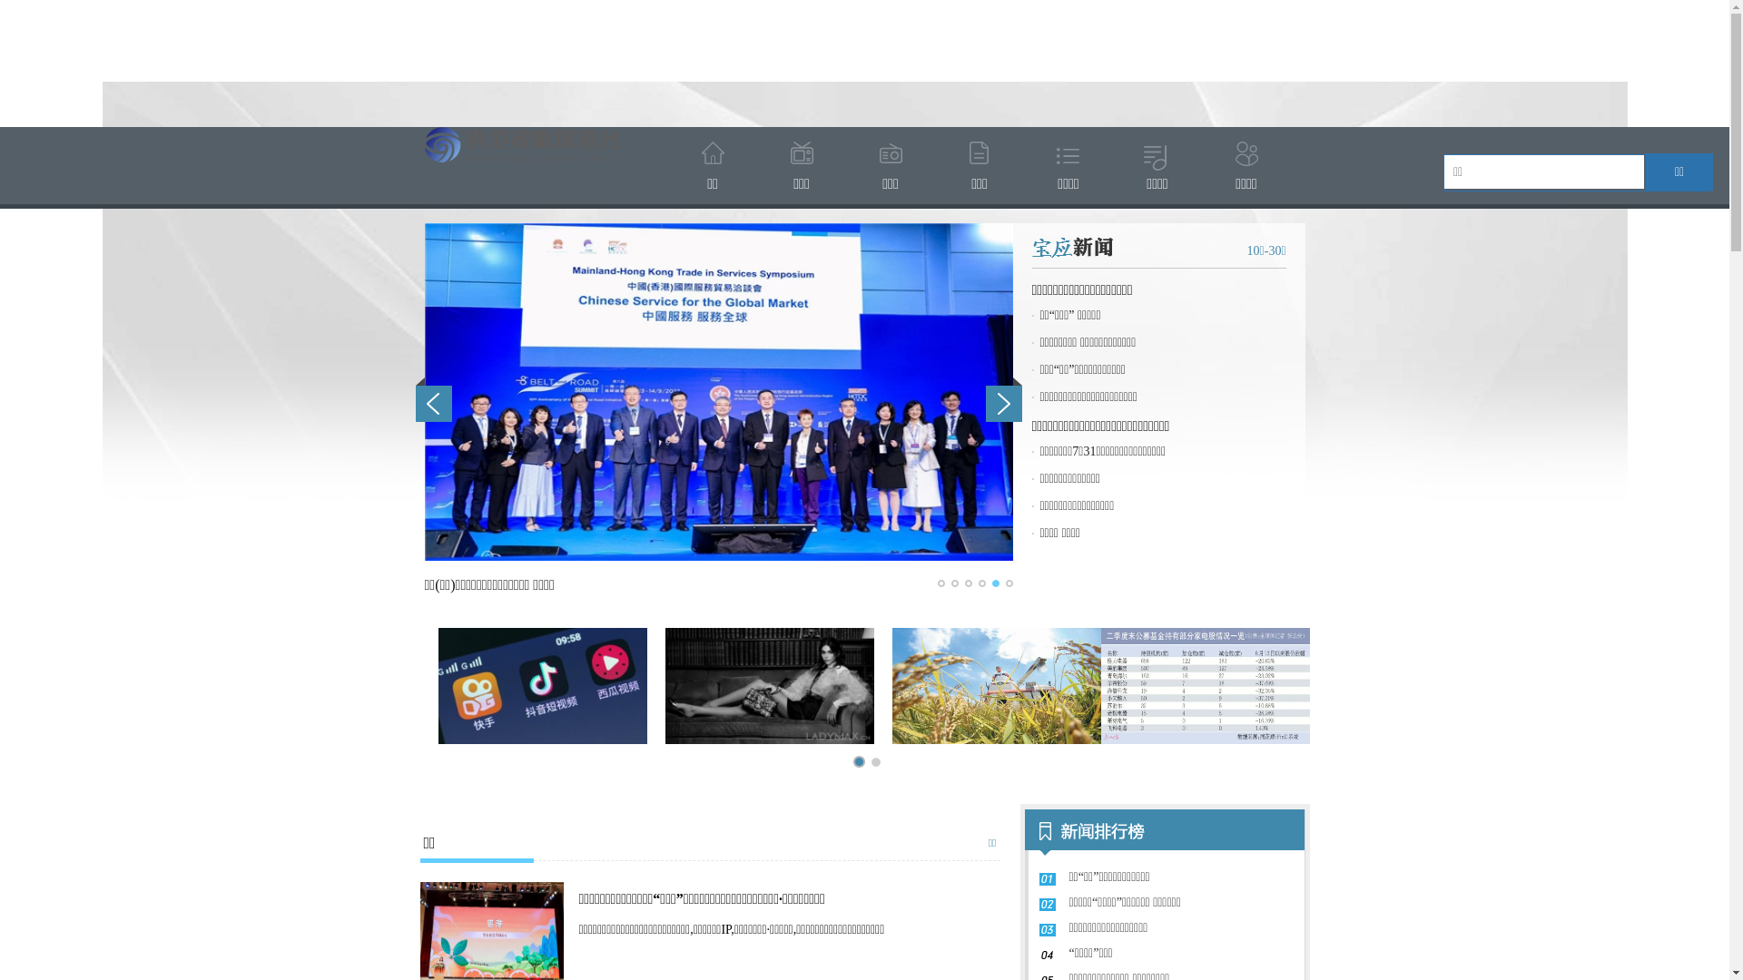  I want to click on '1', so click(940, 583).